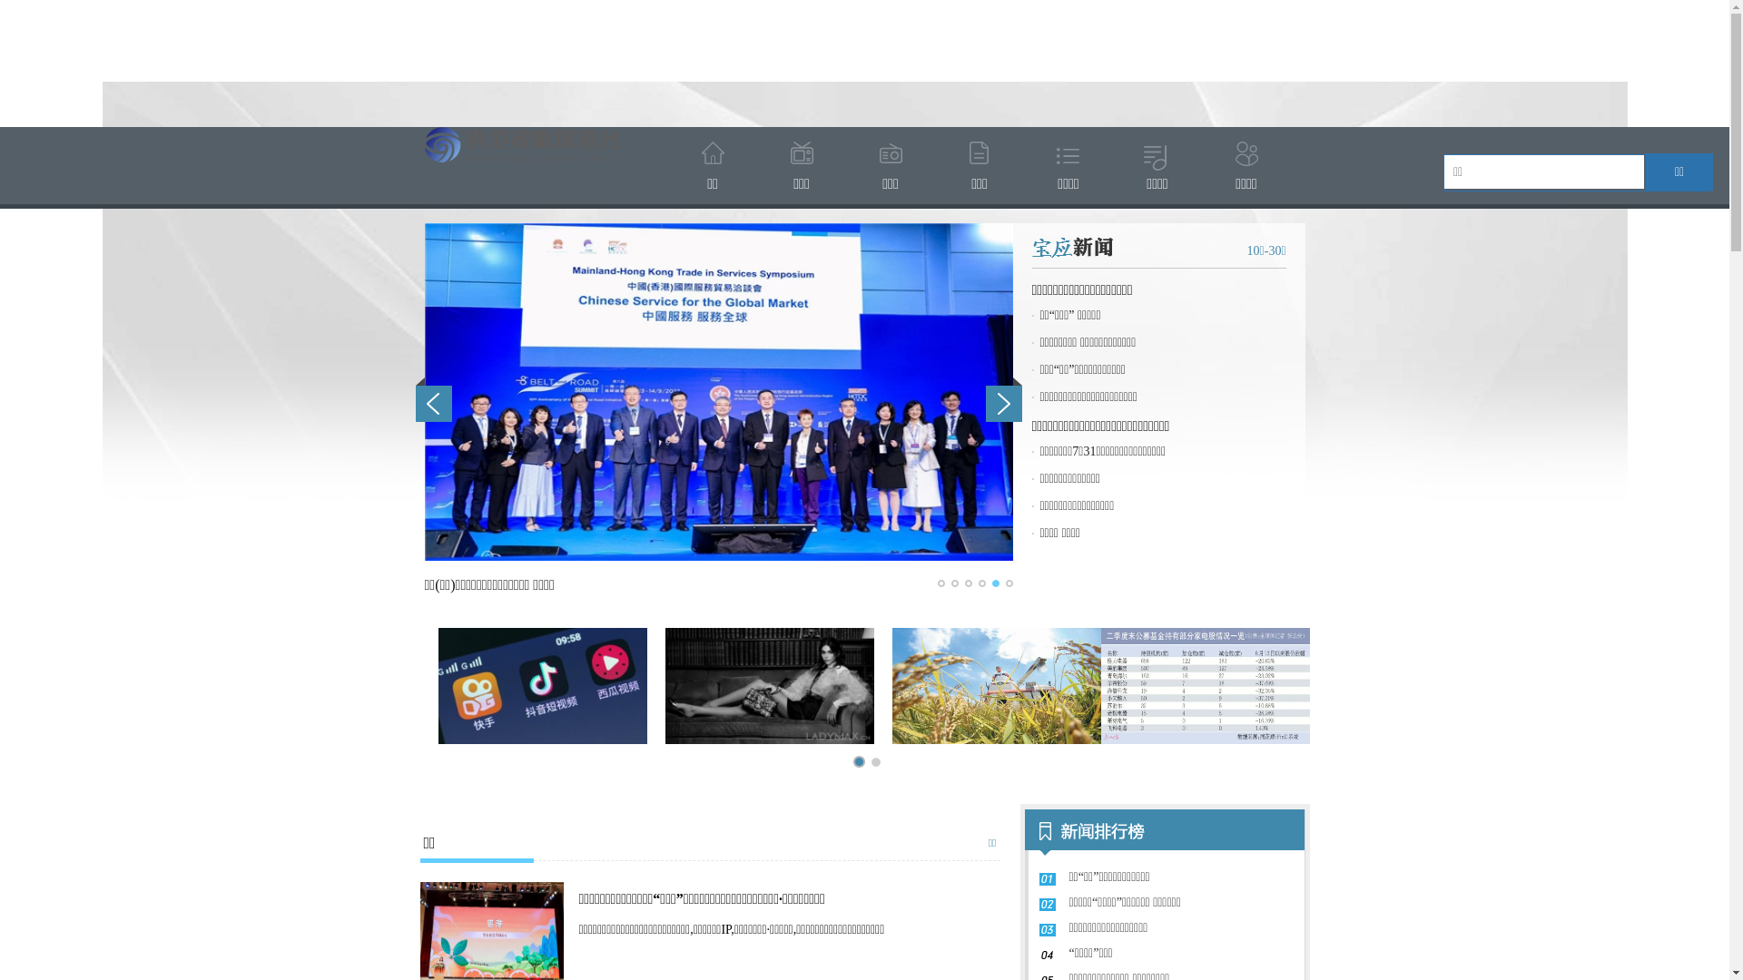  I want to click on '1', so click(940, 583).